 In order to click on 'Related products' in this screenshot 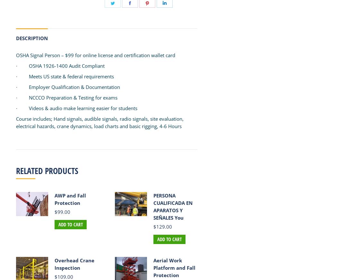, I will do `click(47, 171)`.